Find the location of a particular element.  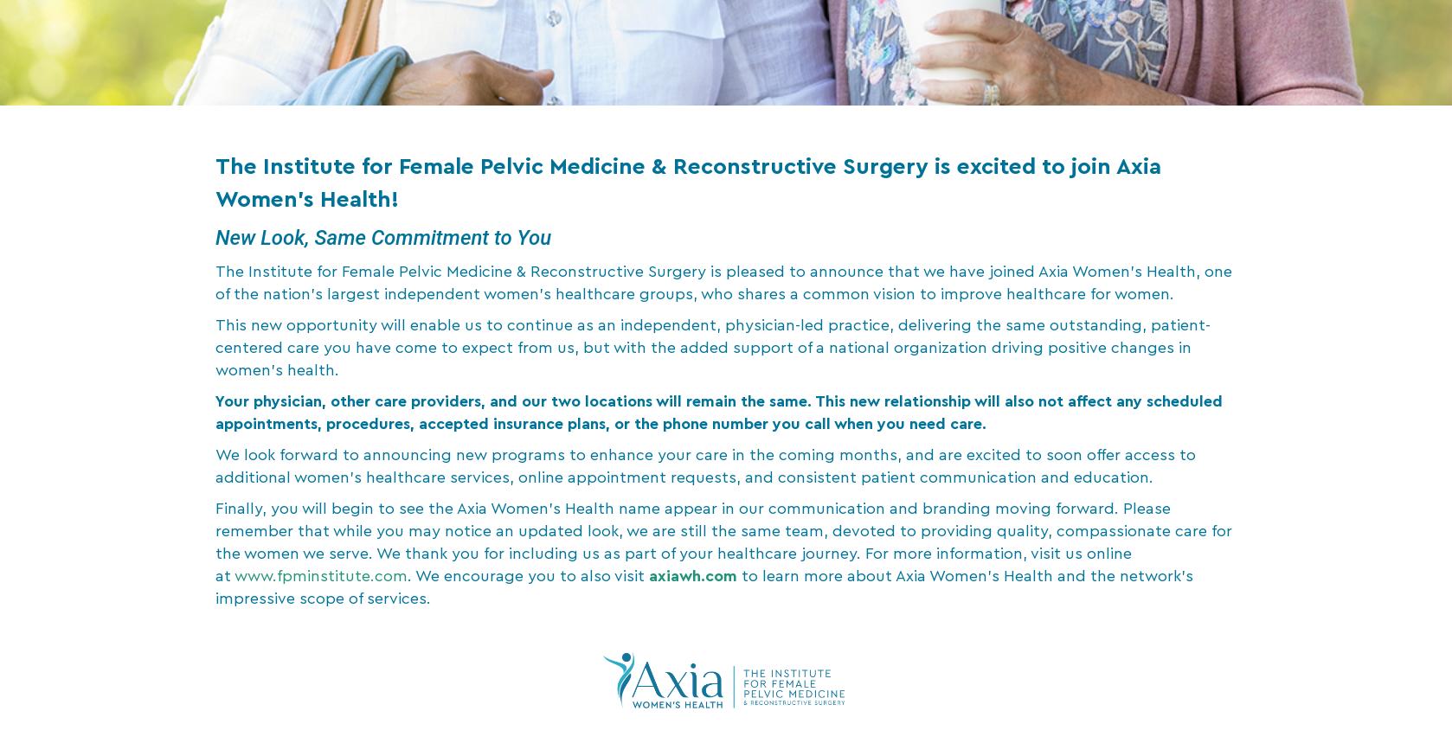

'The Institute for Female Pelvic Medicine & Reconstructive Surgery is excited to join Axia Women's Health!' is located at coordinates (687, 183).